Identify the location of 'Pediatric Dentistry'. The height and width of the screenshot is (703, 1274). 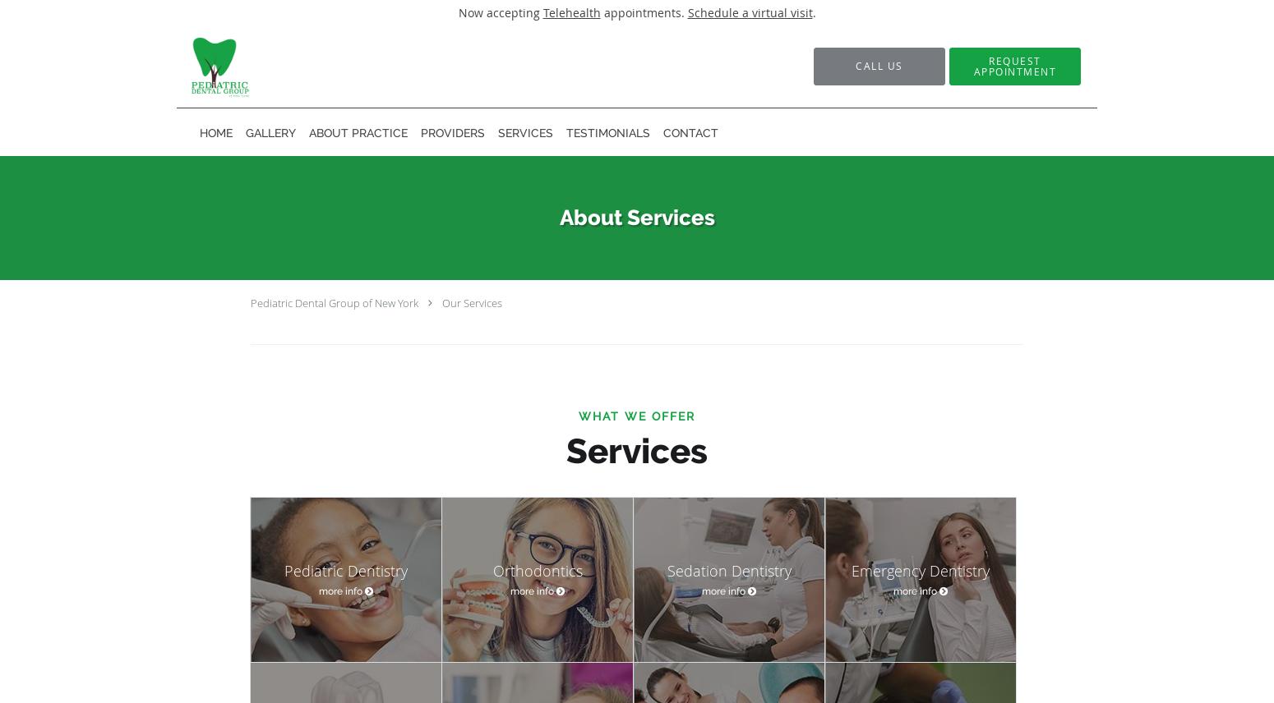
(345, 569).